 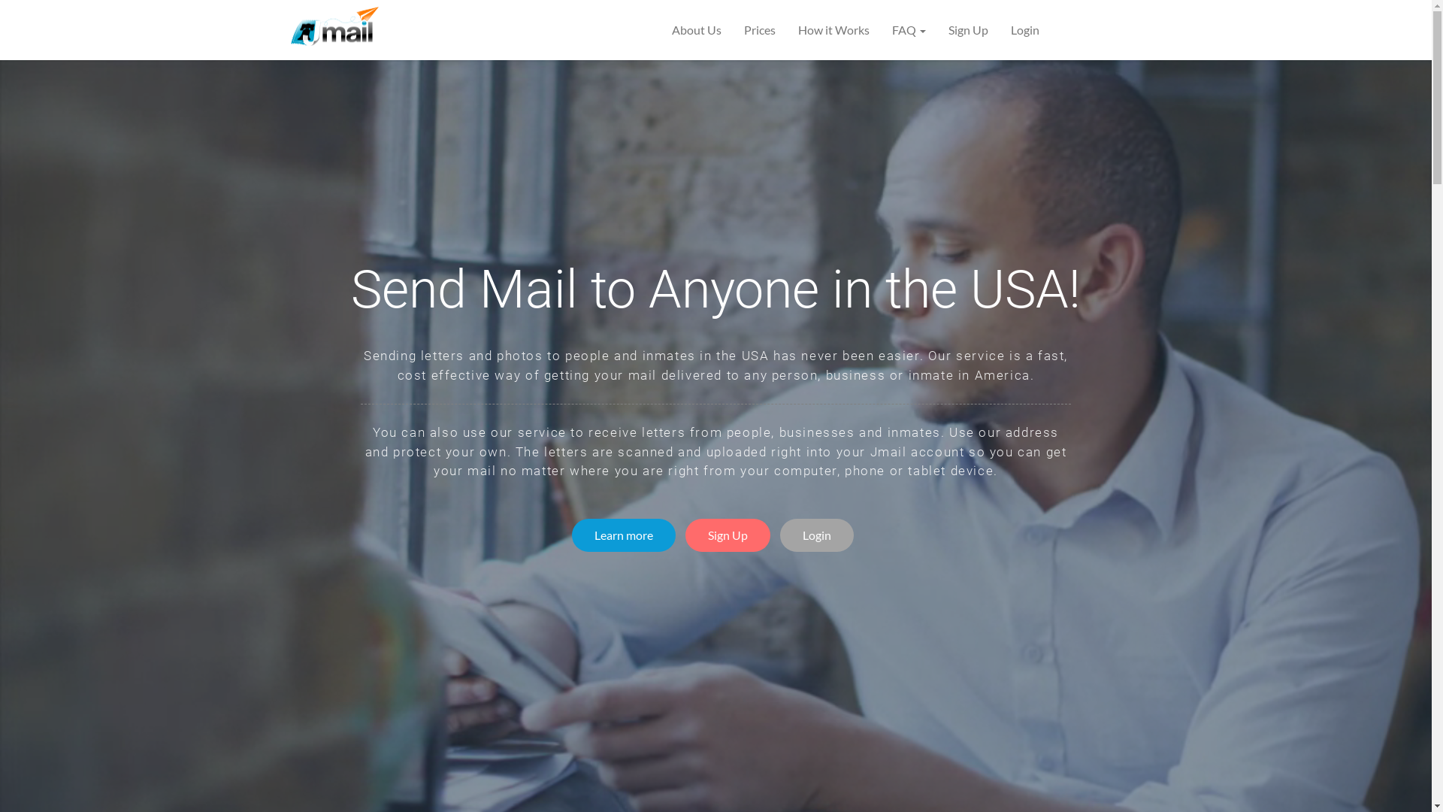 I want to click on 'Prices', so click(x=758, y=29).